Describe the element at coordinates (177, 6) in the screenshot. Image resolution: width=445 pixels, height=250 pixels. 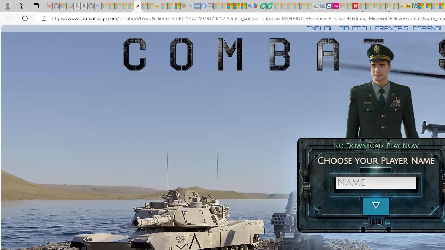
I see `'Local - MSN'` at that location.